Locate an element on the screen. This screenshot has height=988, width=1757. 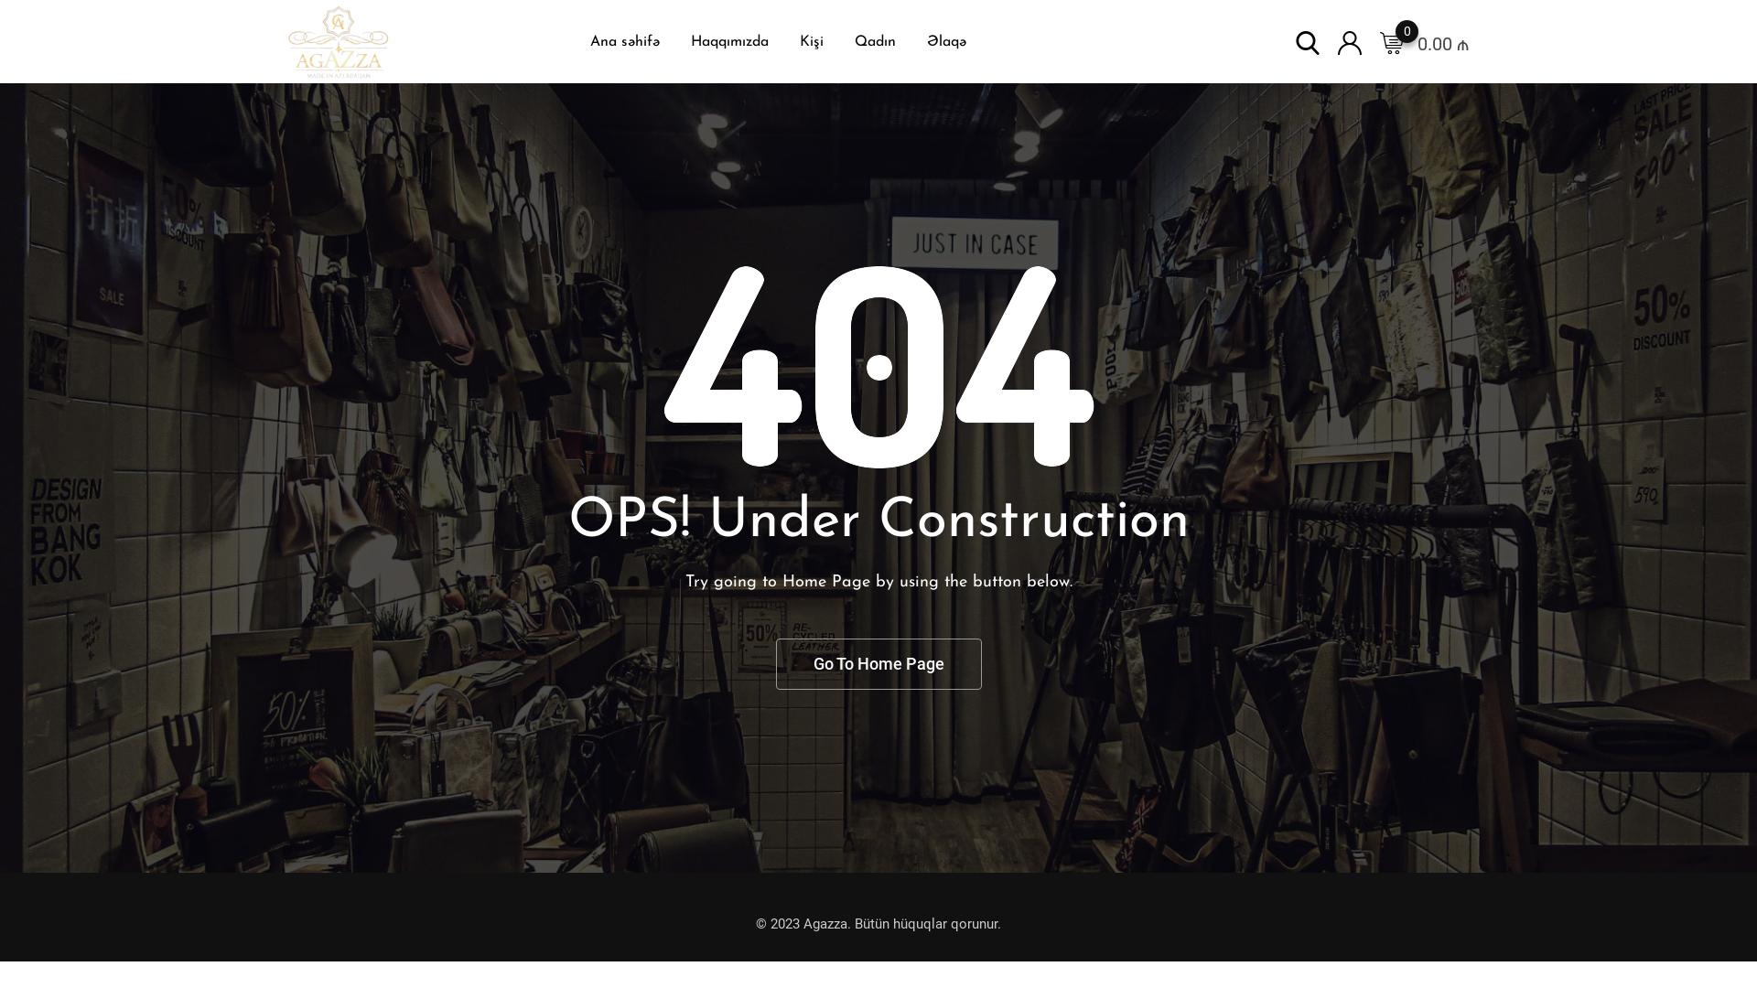
'My Account' is located at coordinates (1349, 41).